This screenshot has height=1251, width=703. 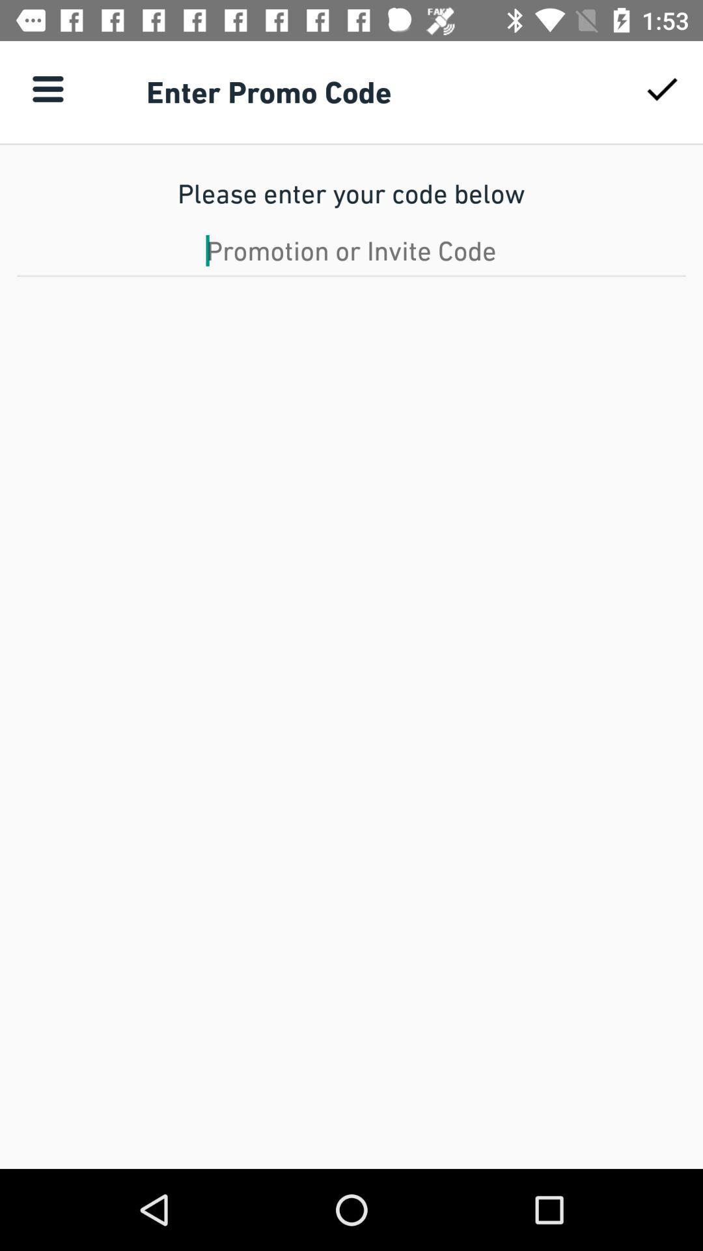 I want to click on promotion code need, so click(x=351, y=250).